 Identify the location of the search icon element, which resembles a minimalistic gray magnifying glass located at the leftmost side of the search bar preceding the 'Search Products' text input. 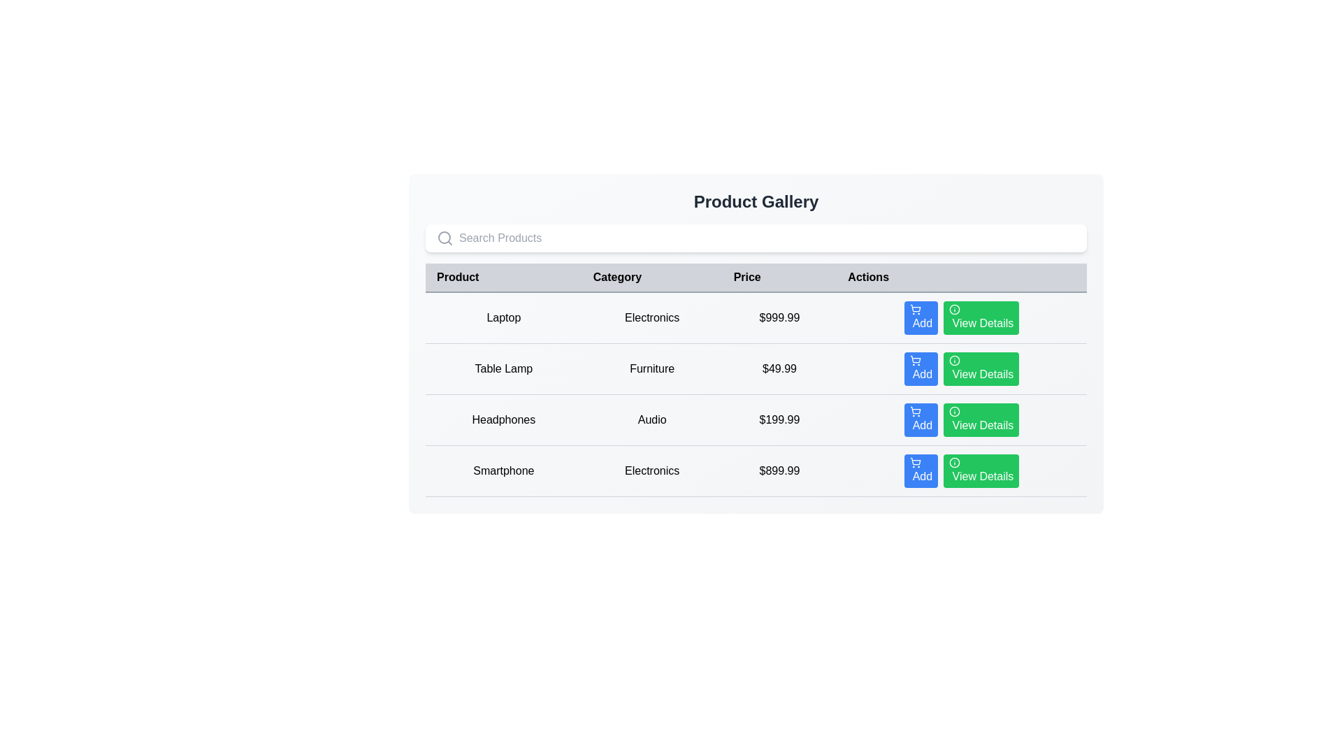
(445, 237).